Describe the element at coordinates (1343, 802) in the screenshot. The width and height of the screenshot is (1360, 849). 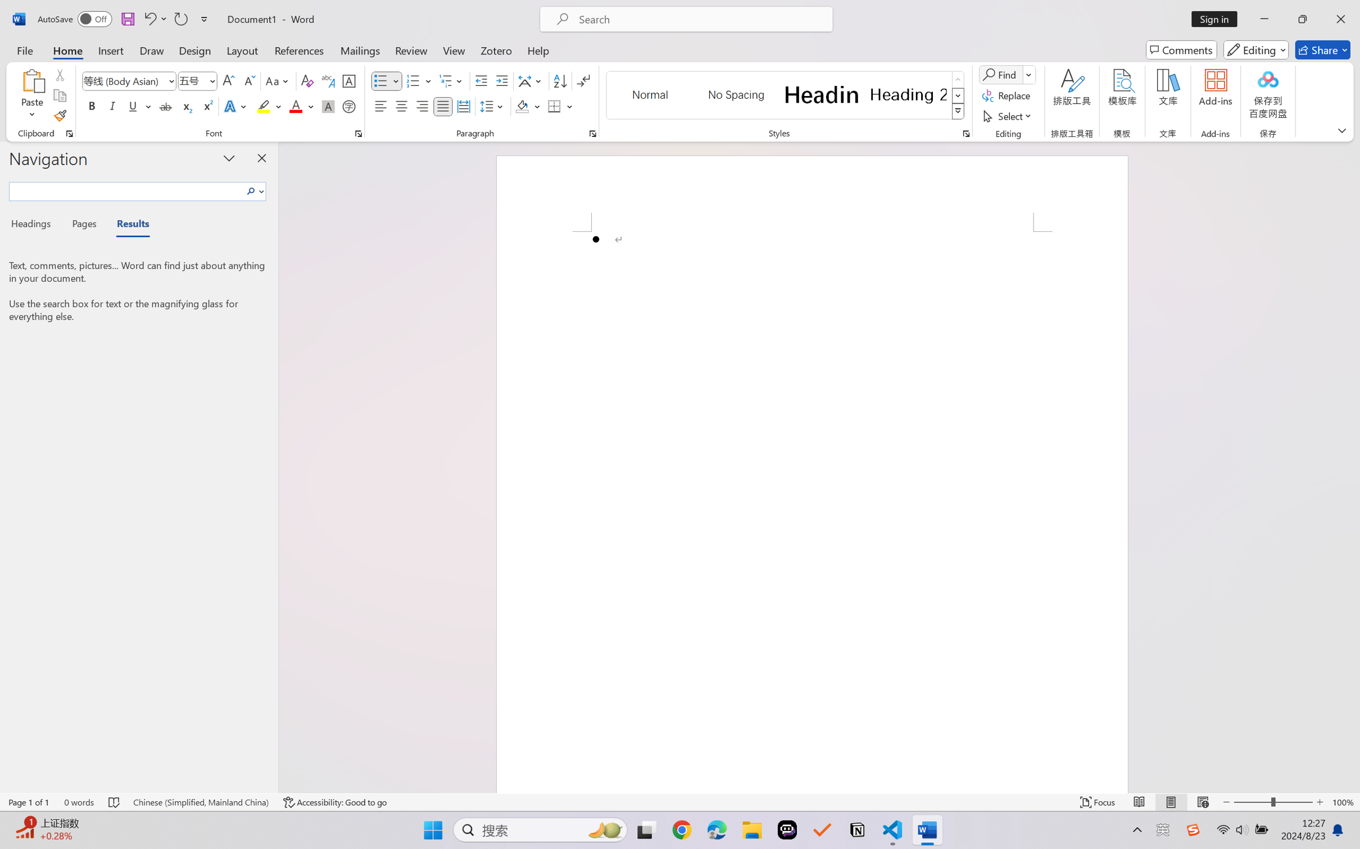
I see `'Zoom 100%'` at that location.